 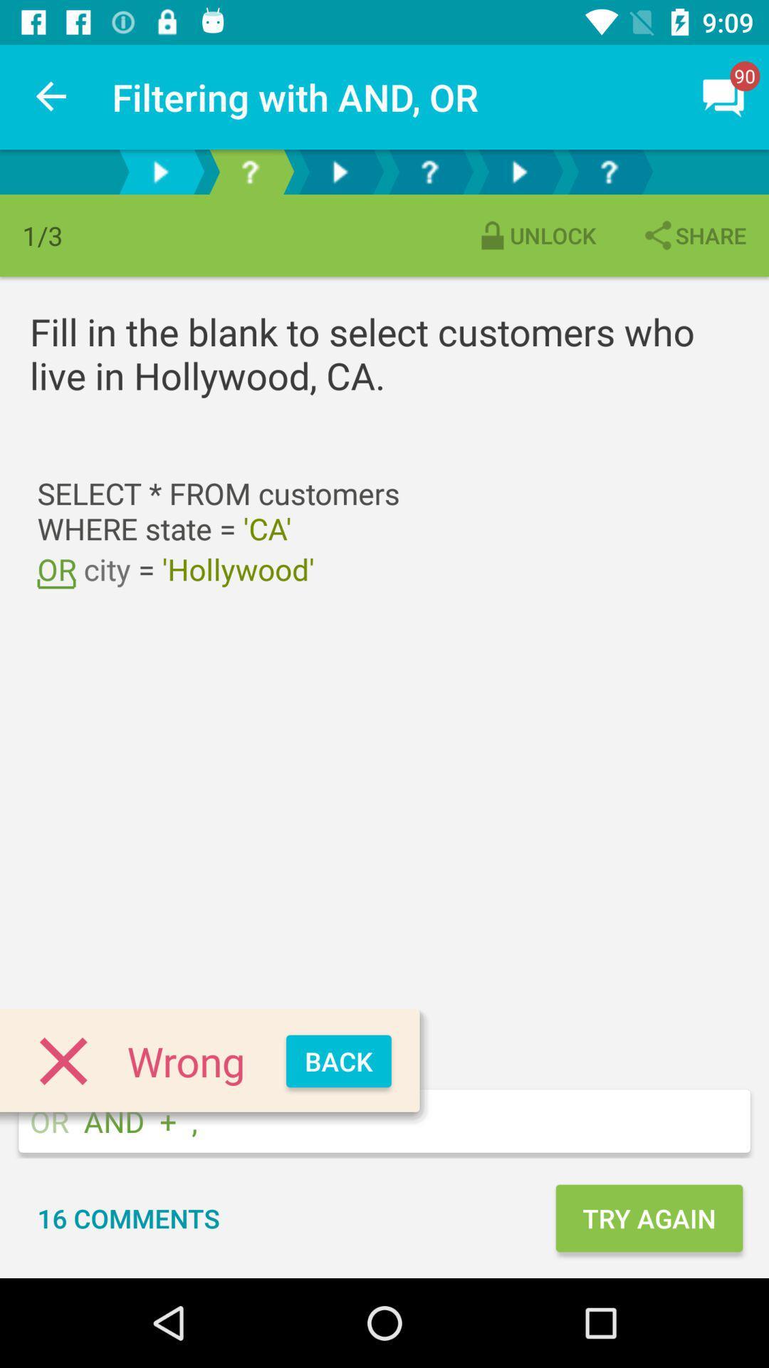 What do you see at coordinates (249, 171) in the screenshot?
I see `the help icon` at bounding box center [249, 171].